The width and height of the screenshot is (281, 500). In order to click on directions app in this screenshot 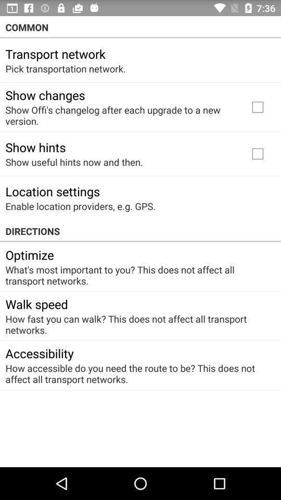, I will do `click(140, 231)`.